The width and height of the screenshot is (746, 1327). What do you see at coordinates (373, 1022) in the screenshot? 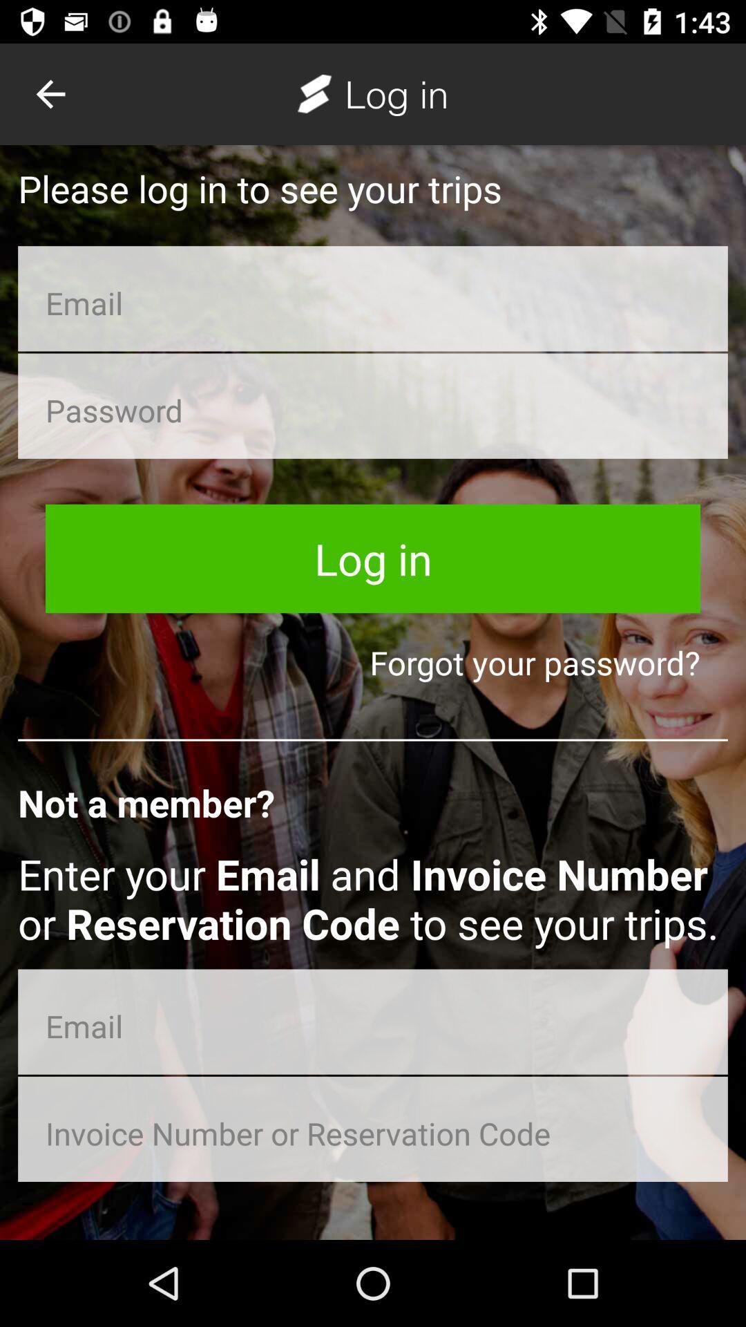
I see `input email` at bounding box center [373, 1022].